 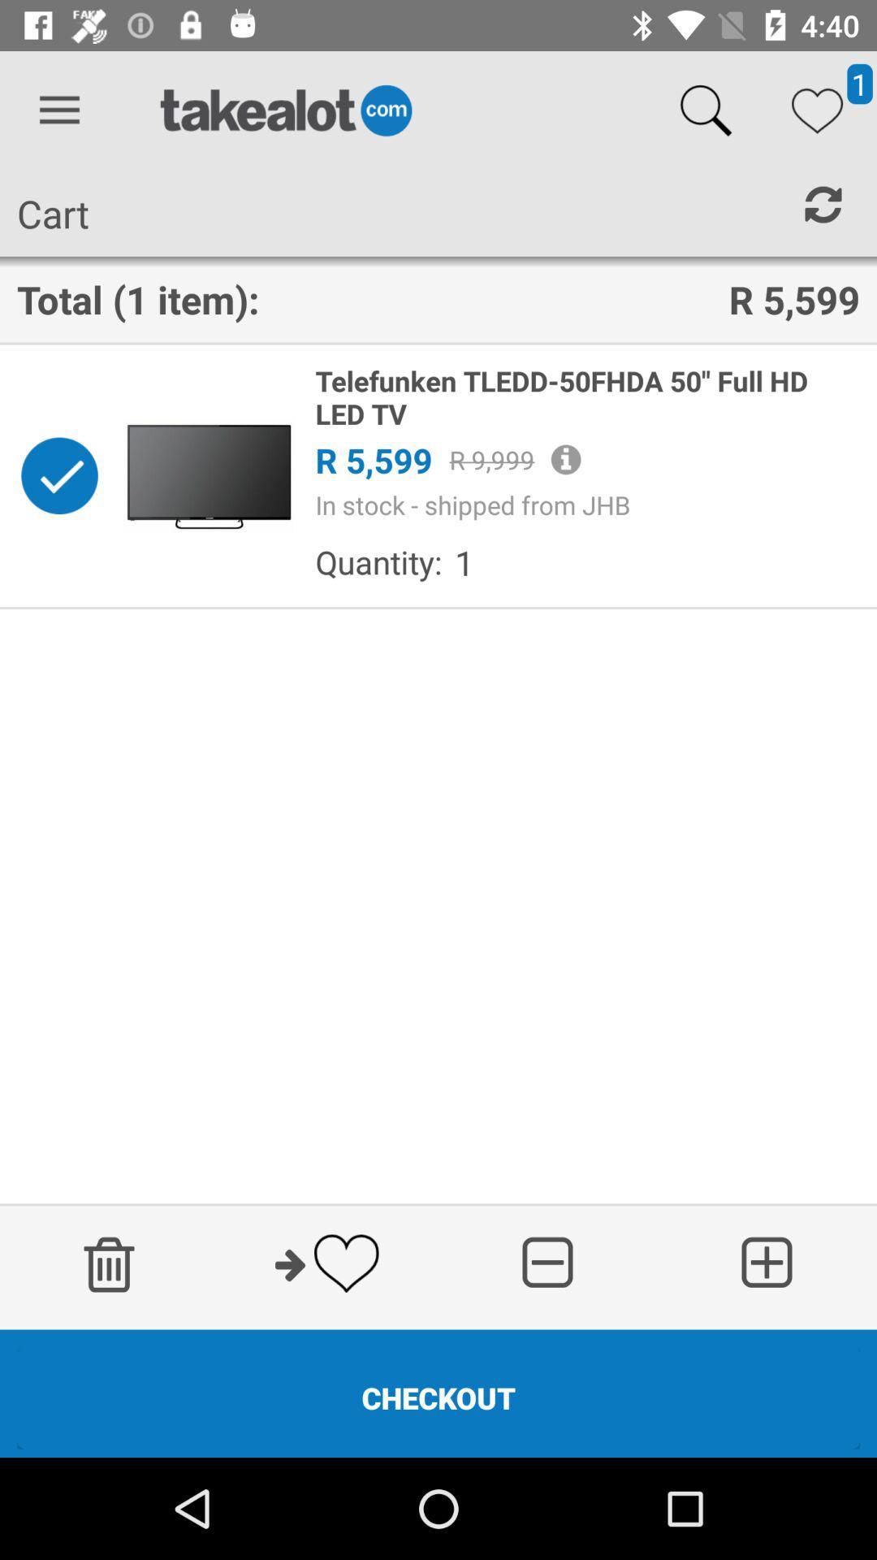 I want to click on icon next to the 1, so click(x=378, y=561).